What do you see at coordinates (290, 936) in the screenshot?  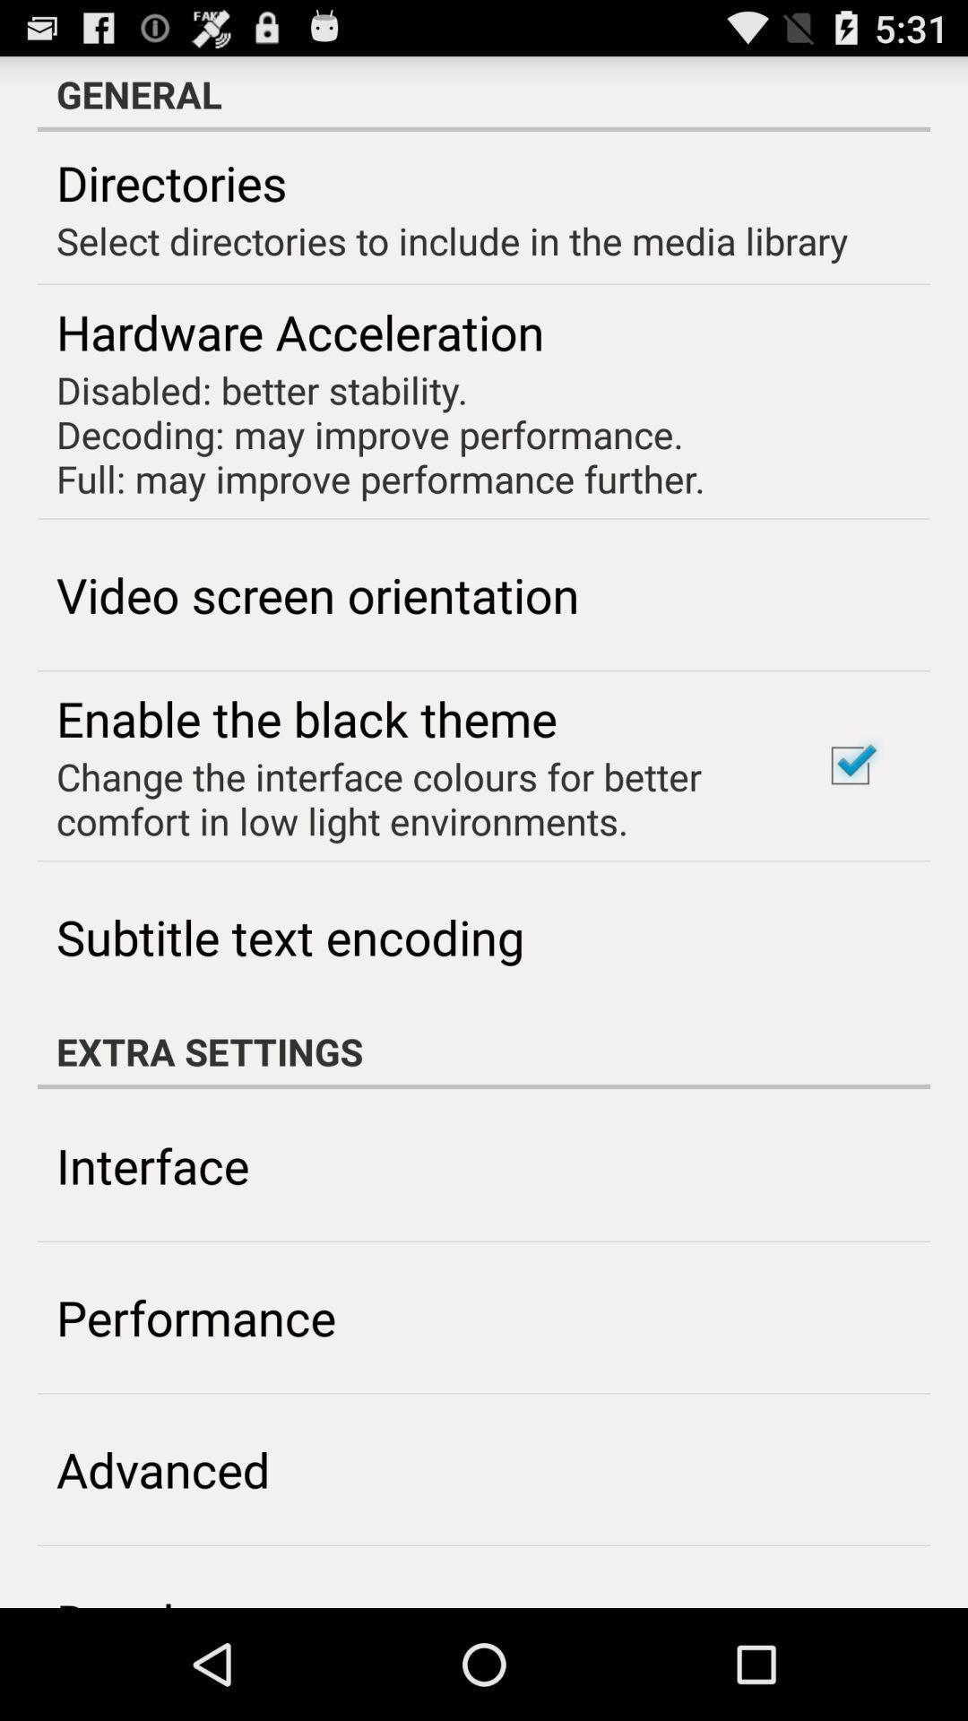 I see `the subtitle text encoding item` at bounding box center [290, 936].